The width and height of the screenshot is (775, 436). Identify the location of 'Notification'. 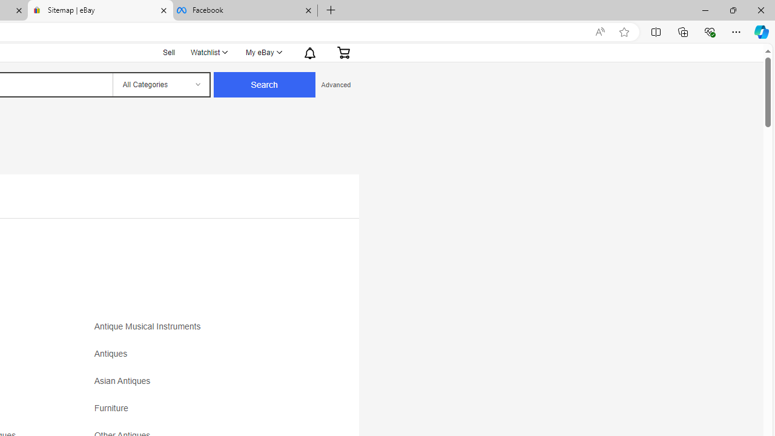
(310, 51).